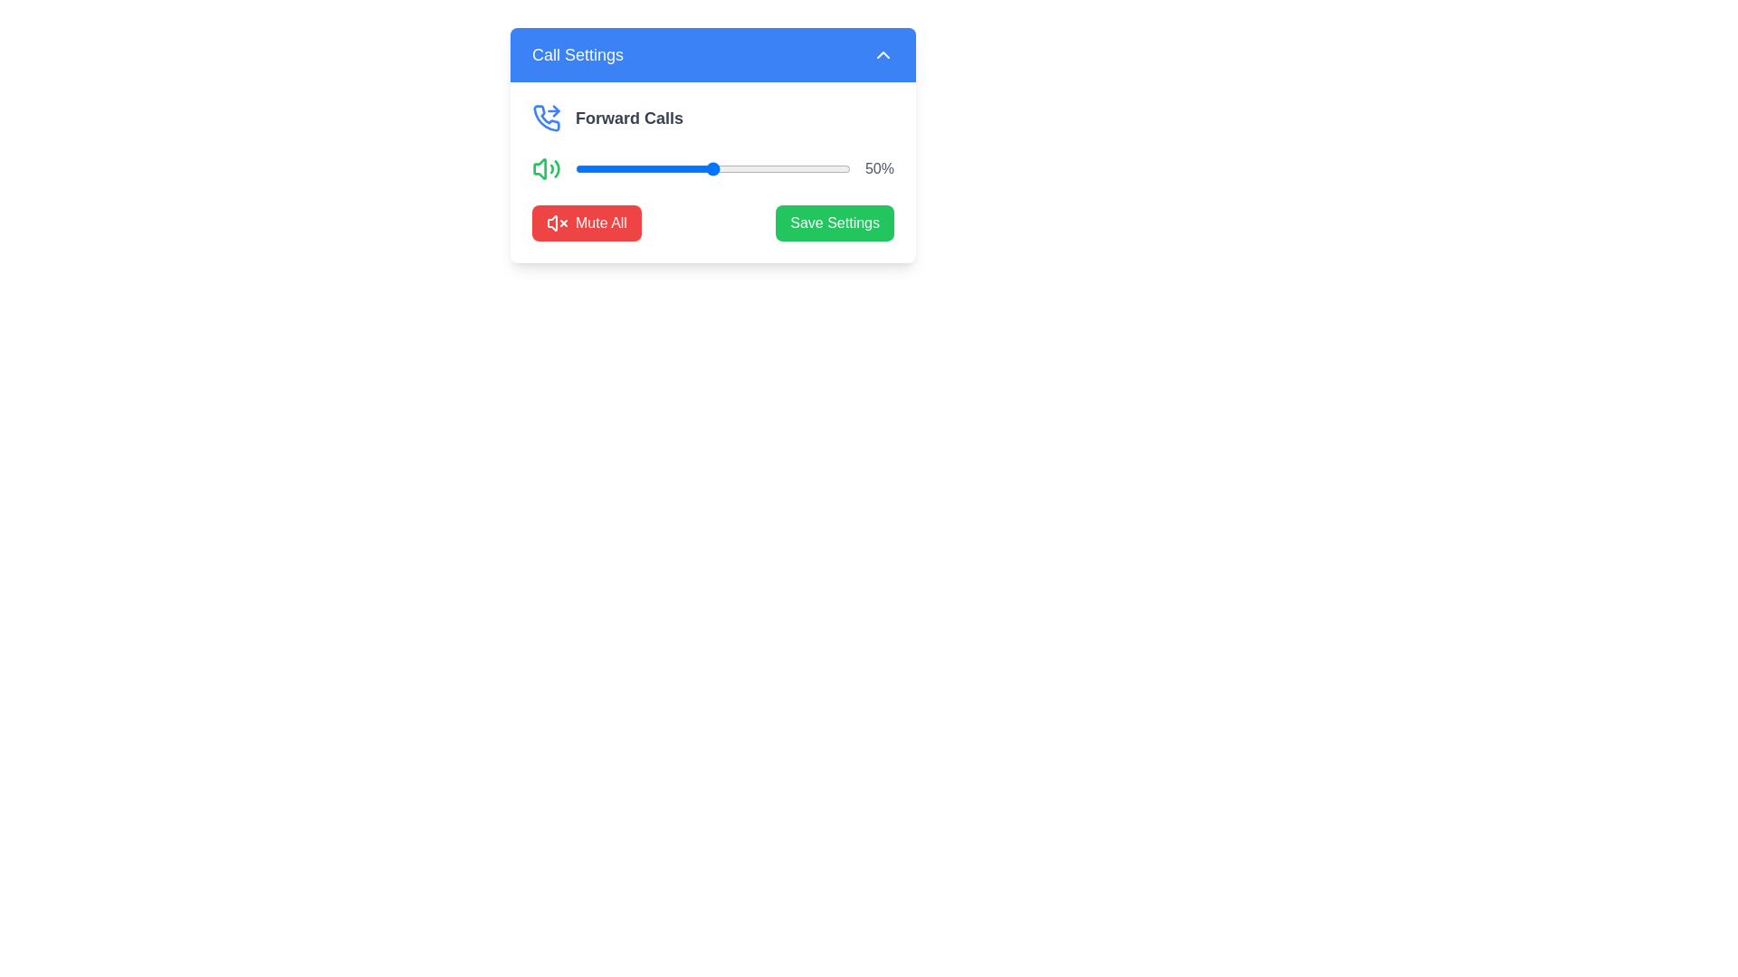  I want to click on the 'Forward Calls' text label, which is a bold dark gray text aligned next to a blue phone icon in the top section of the settings panel, so click(629, 119).